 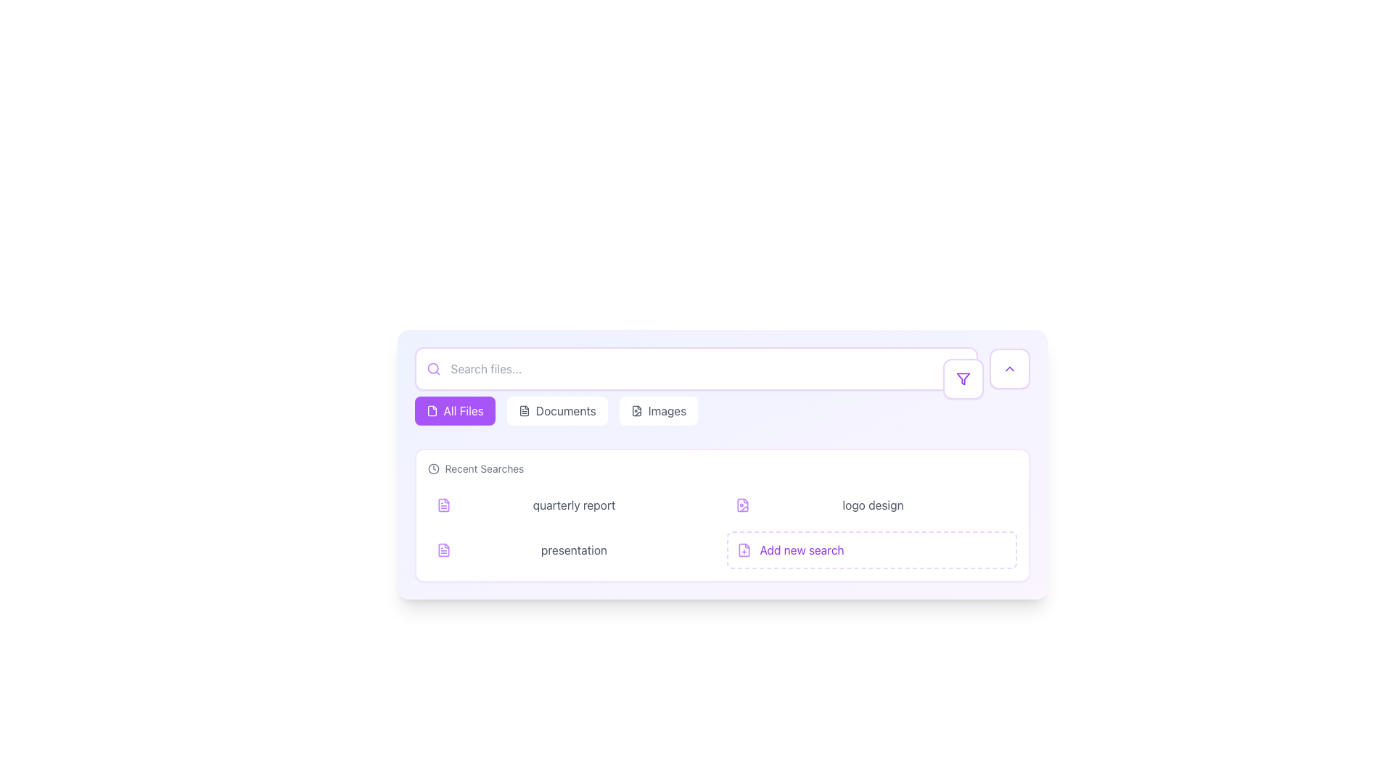 What do you see at coordinates (742, 505) in the screenshot?
I see `the 'logo design' search entry icon located in the 'Recent Searches' section, positioned between 'quarterly report' and 'logo design'` at bounding box center [742, 505].